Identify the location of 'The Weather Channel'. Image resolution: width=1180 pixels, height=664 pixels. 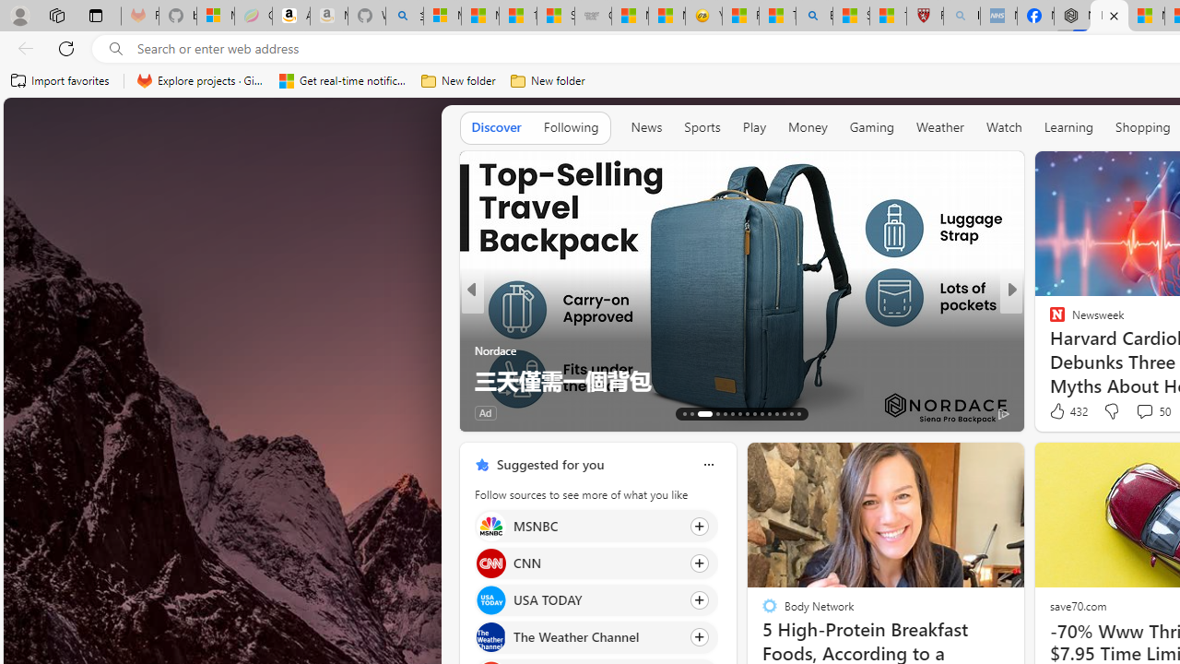
(490, 636).